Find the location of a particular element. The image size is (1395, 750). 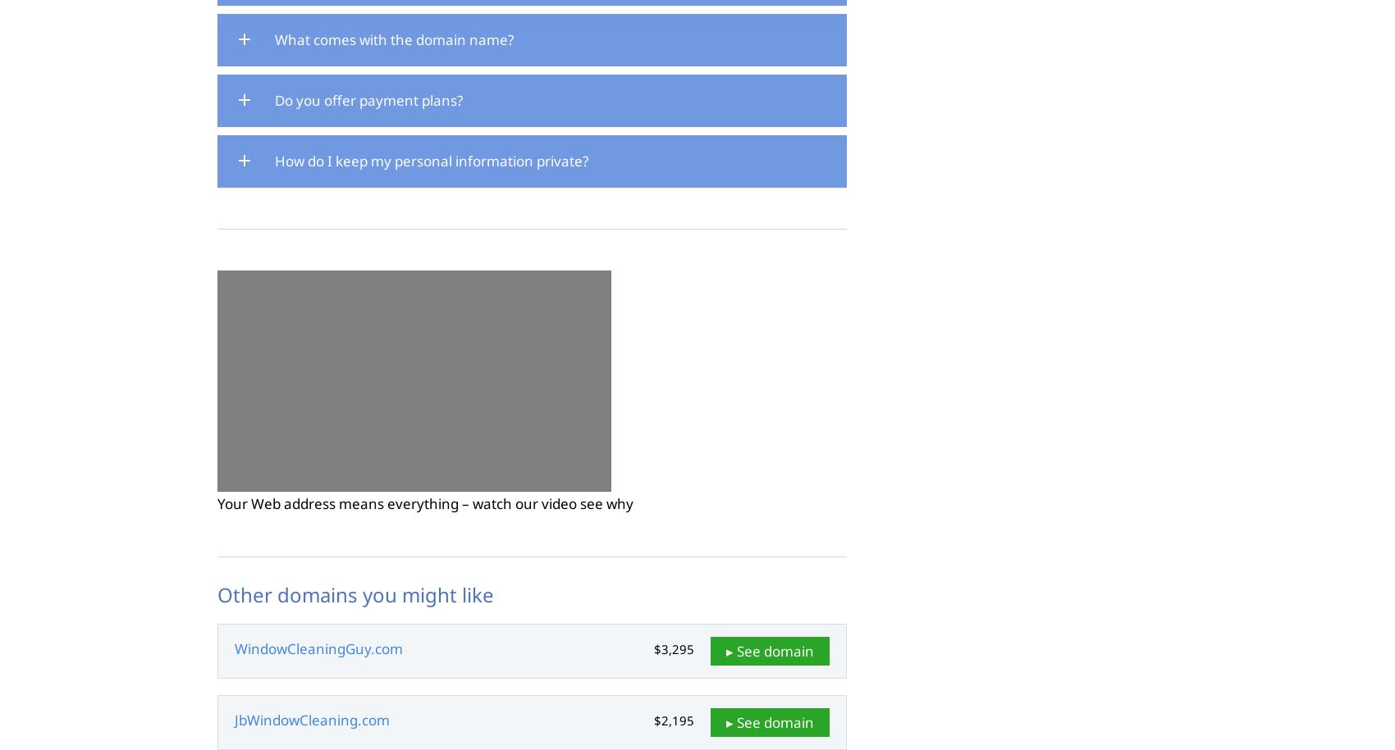

'JbWindowCleaning.com' is located at coordinates (234, 719).